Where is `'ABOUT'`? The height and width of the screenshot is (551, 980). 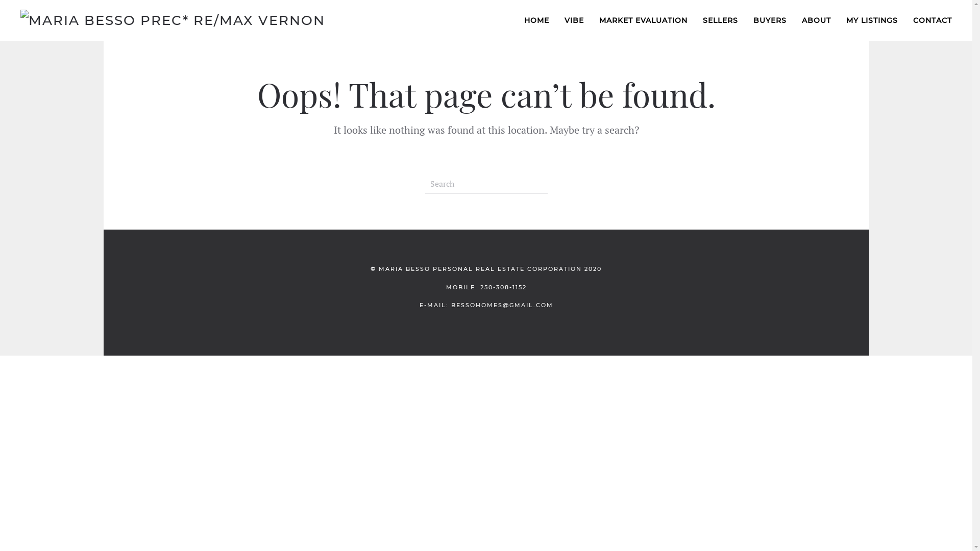
'ABOUT' is located at coordinates (816, 20).